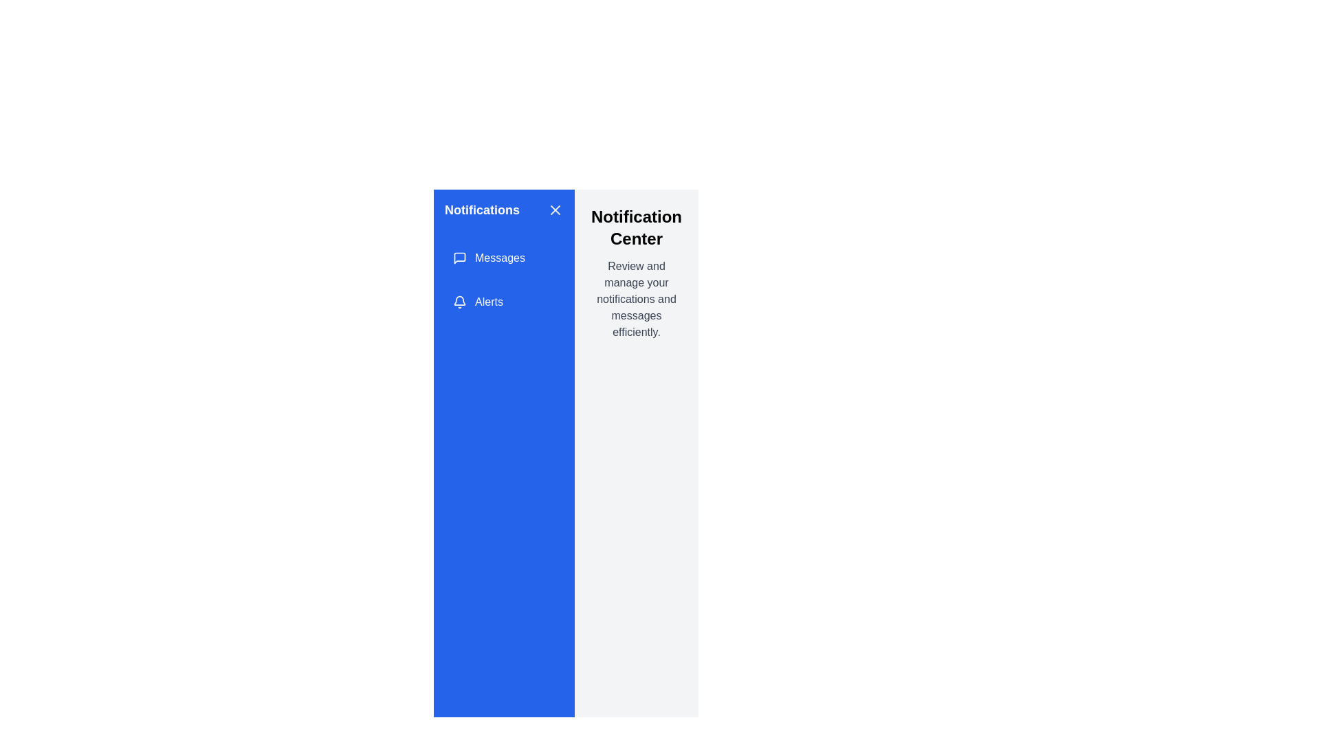  What do you see at coordinates (555, 210) in the screenshot?
I see `the 'X' icon representing the close action` at bounding box center [555, 210].